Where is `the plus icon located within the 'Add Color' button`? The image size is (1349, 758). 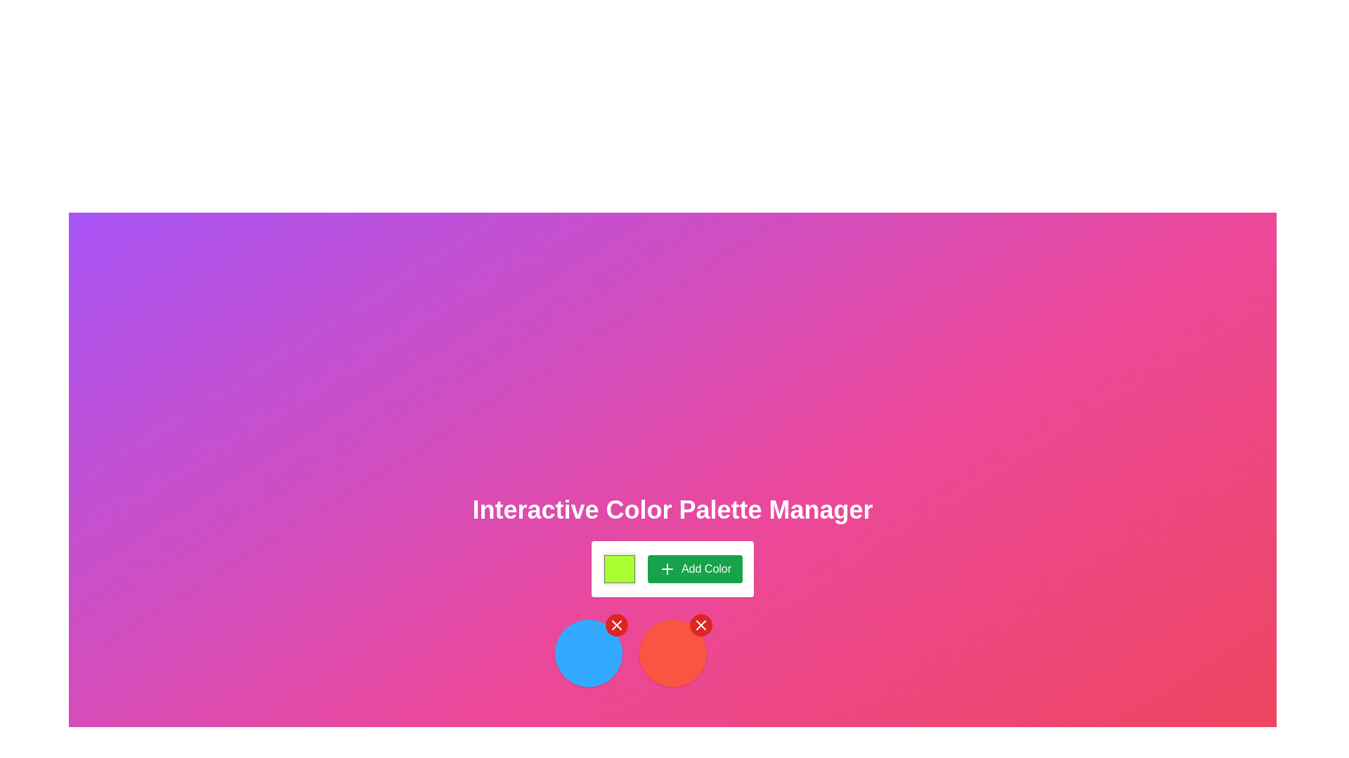 the plus icon located within the 'Add Color' button is located at coordinates (666, 568).